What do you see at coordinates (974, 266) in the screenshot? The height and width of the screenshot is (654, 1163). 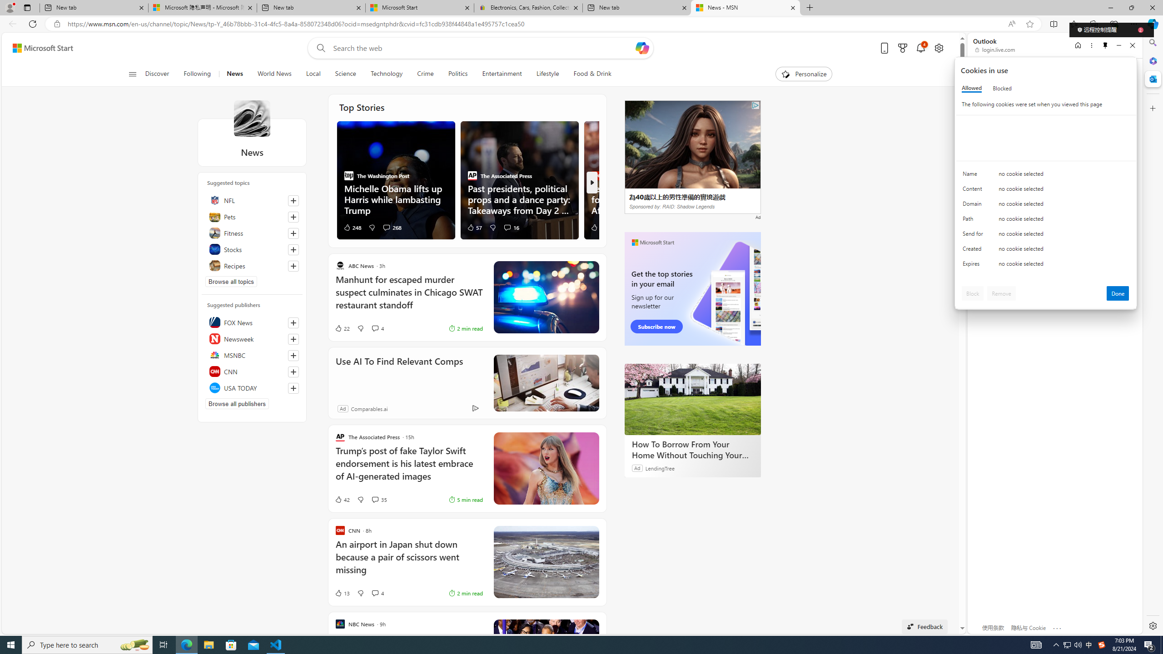 I see `'Expires'` at bounding box center [974, 266].